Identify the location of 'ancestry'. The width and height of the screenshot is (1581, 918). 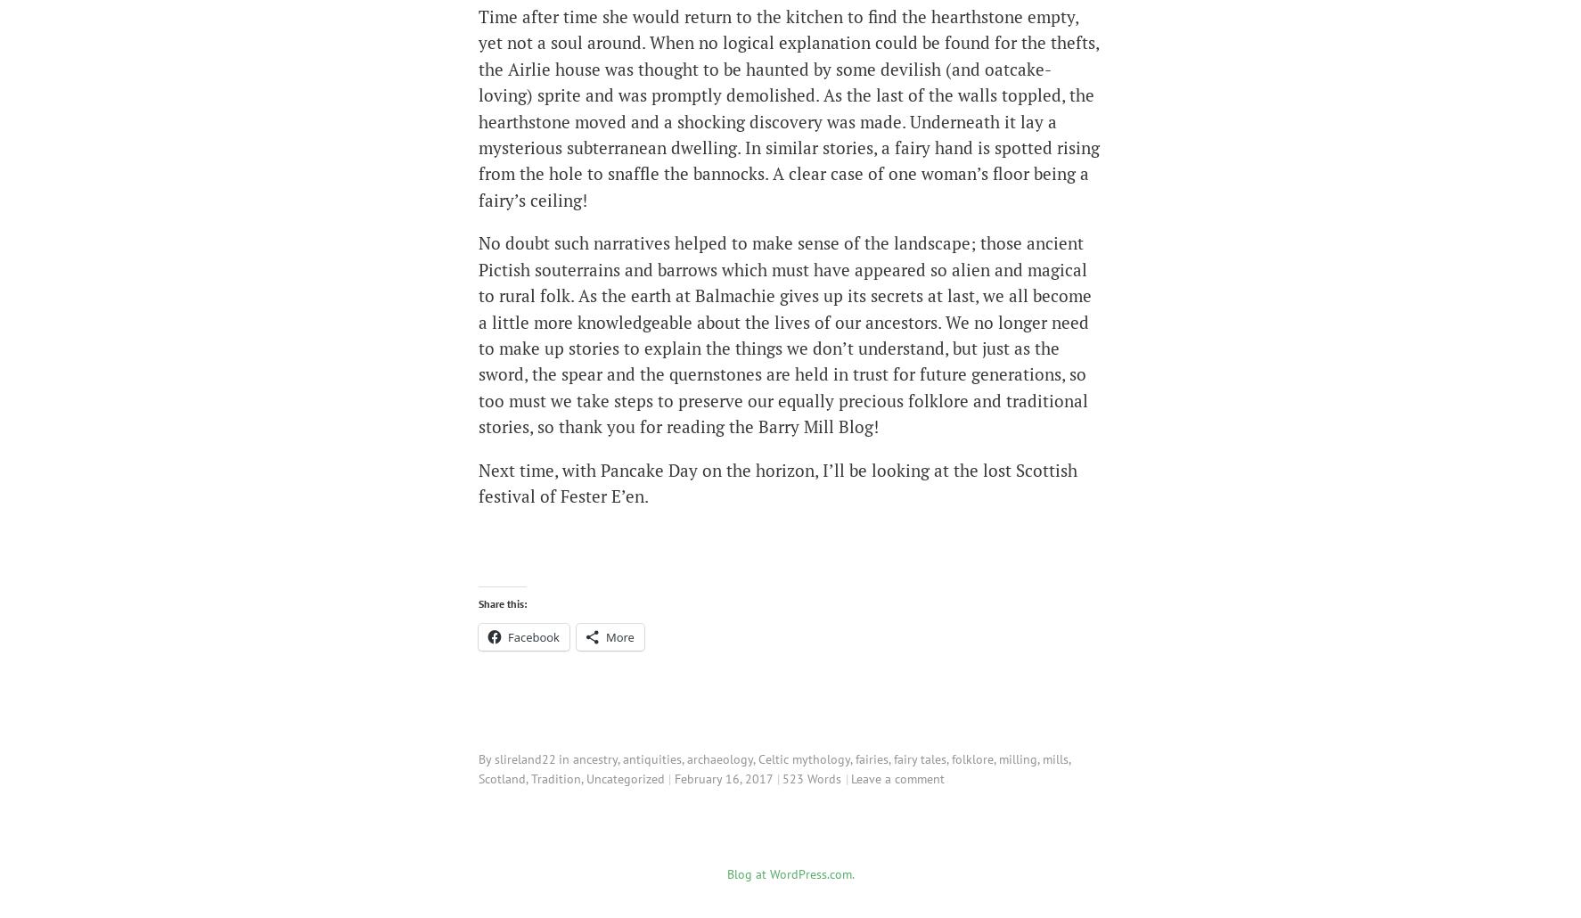
(595, 757).